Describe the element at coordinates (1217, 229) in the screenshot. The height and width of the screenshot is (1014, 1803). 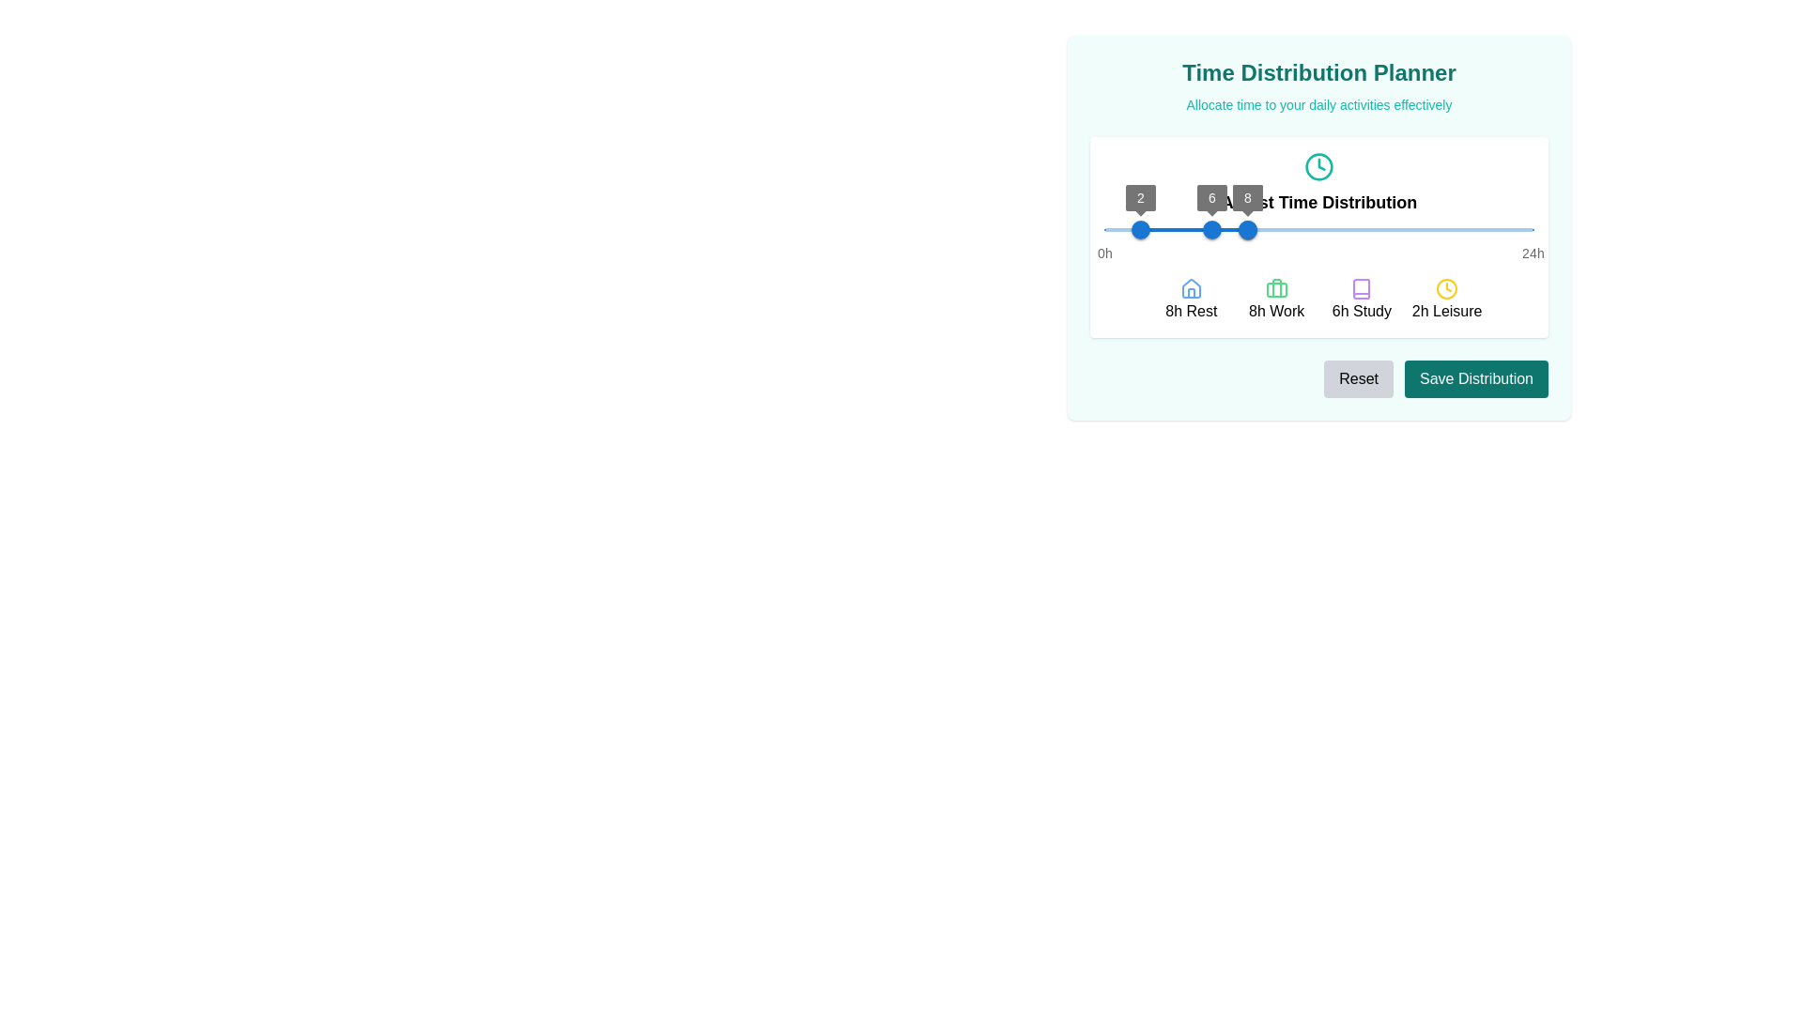
I see `the time slider` at that location.